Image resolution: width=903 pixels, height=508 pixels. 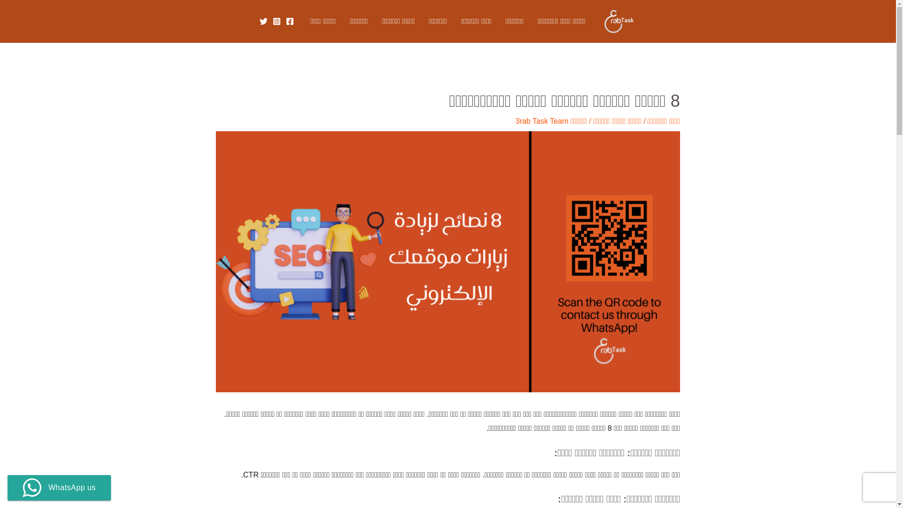 I want to click on '3rab Task Team', so click(x=515, y=120).